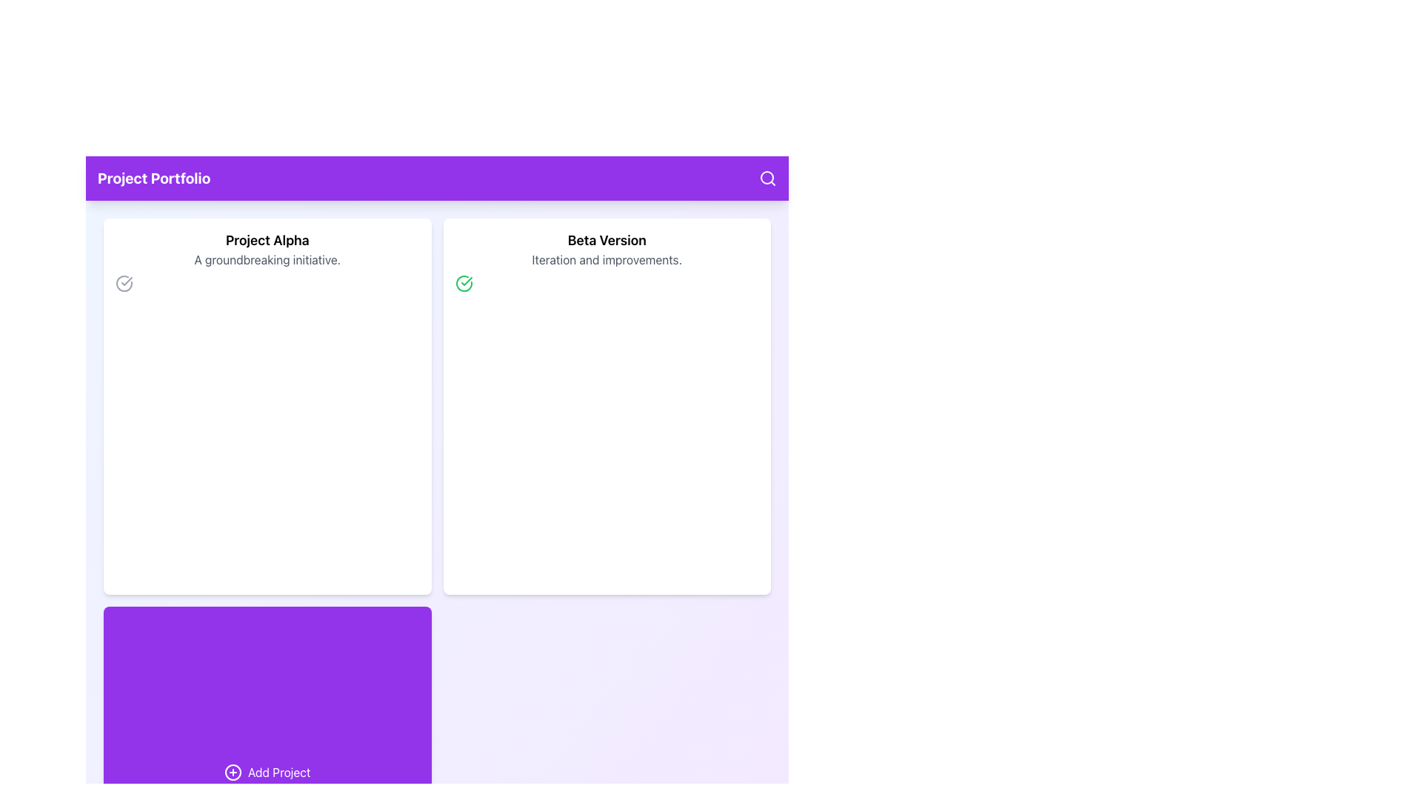  Describe the element at coordinates (463, 283) in the screenshot. I see `the circular portion of the checkmark icon styled with a green stroke located in the right project card of the interface` at that location.